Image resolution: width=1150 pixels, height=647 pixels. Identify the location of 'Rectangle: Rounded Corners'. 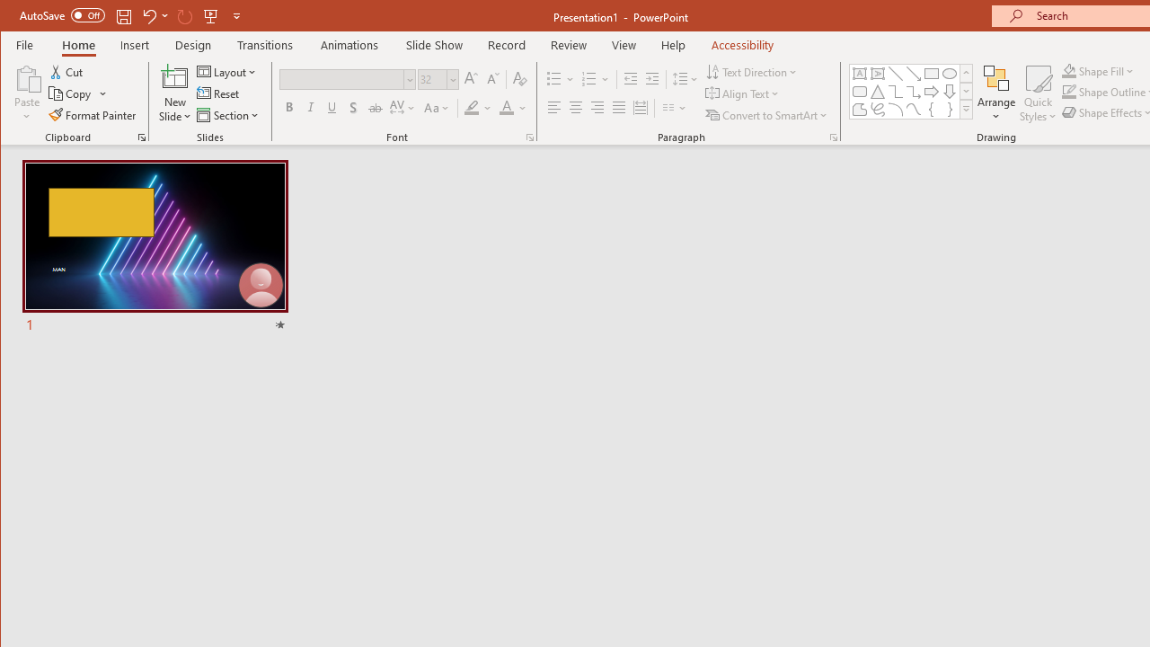
(858, 92).